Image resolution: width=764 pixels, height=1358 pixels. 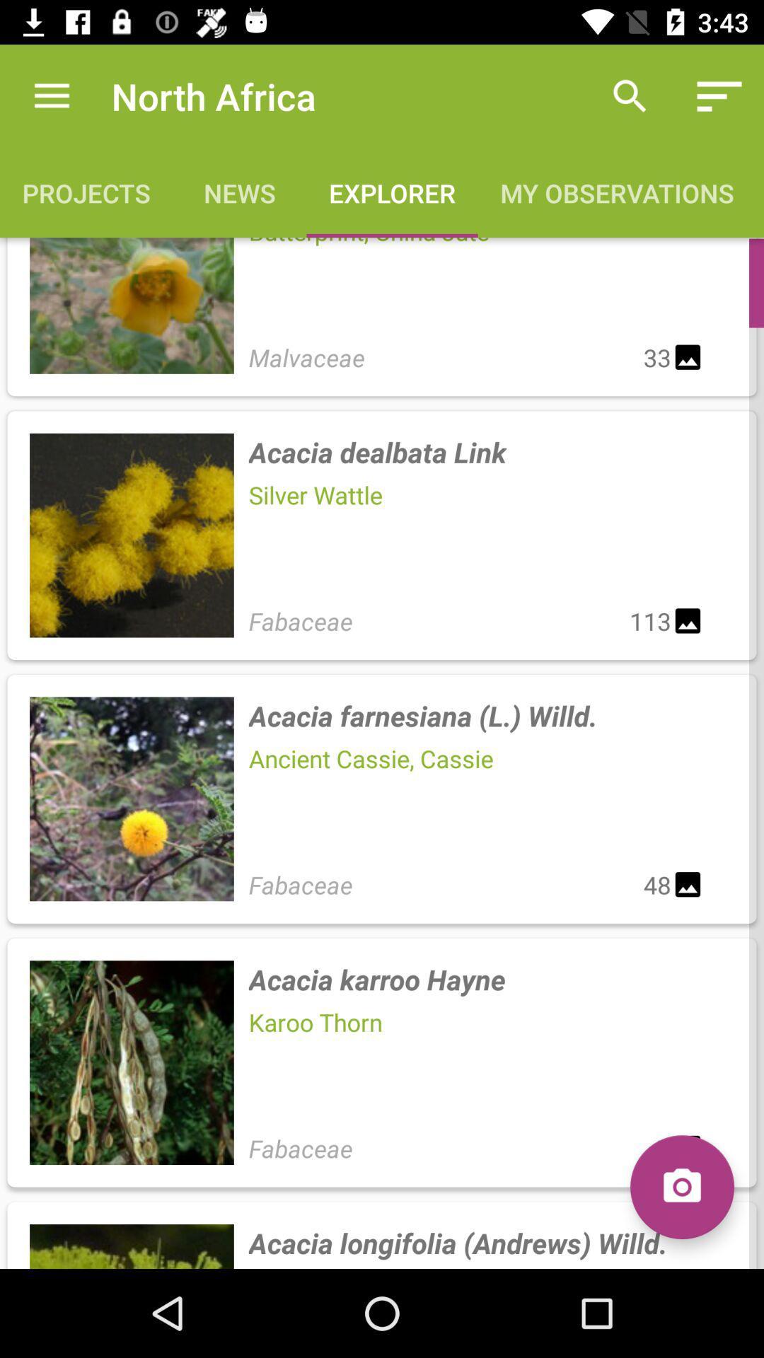 I want to click on the icon above my observations icon, so click(x=719, y=95).